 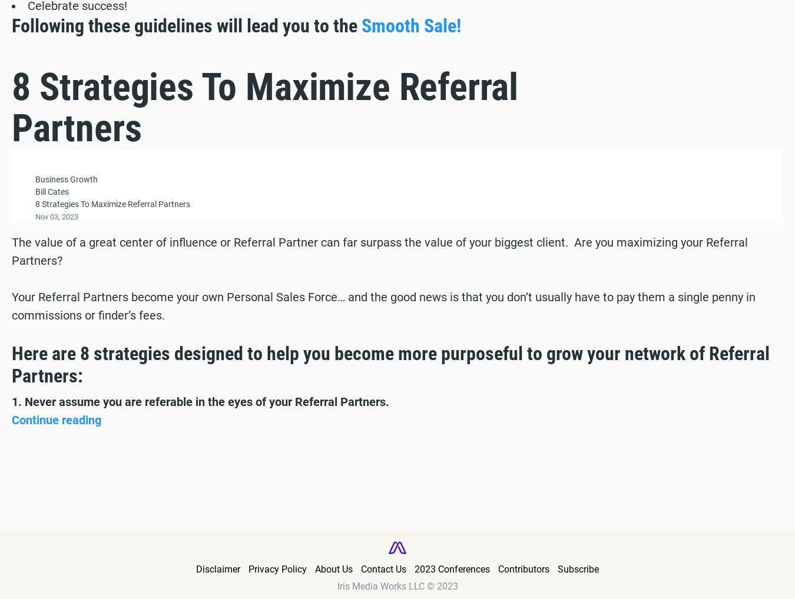 I want to click on 'Your Referral Partners become your own Personal Sales Force… and the good news is that you don’t usually have to pay them a single penny in commissions or finder’s fees.', so click(x=11, y=305).